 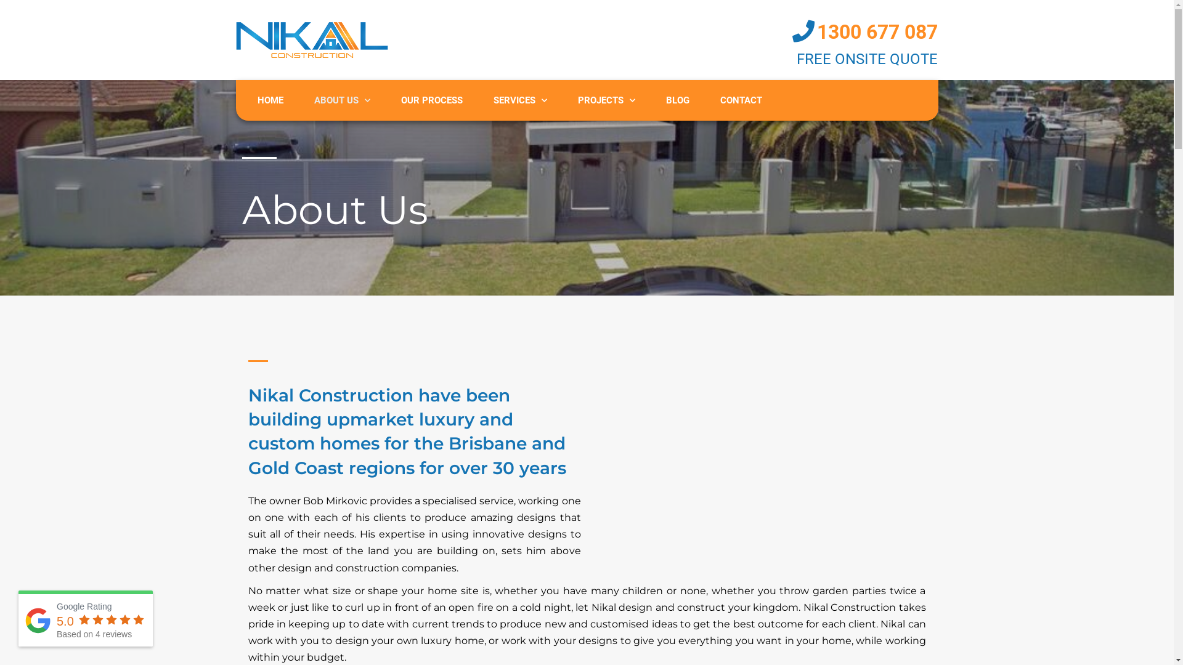 I want to click on 'SERVICES', so click(x=520, y=99).